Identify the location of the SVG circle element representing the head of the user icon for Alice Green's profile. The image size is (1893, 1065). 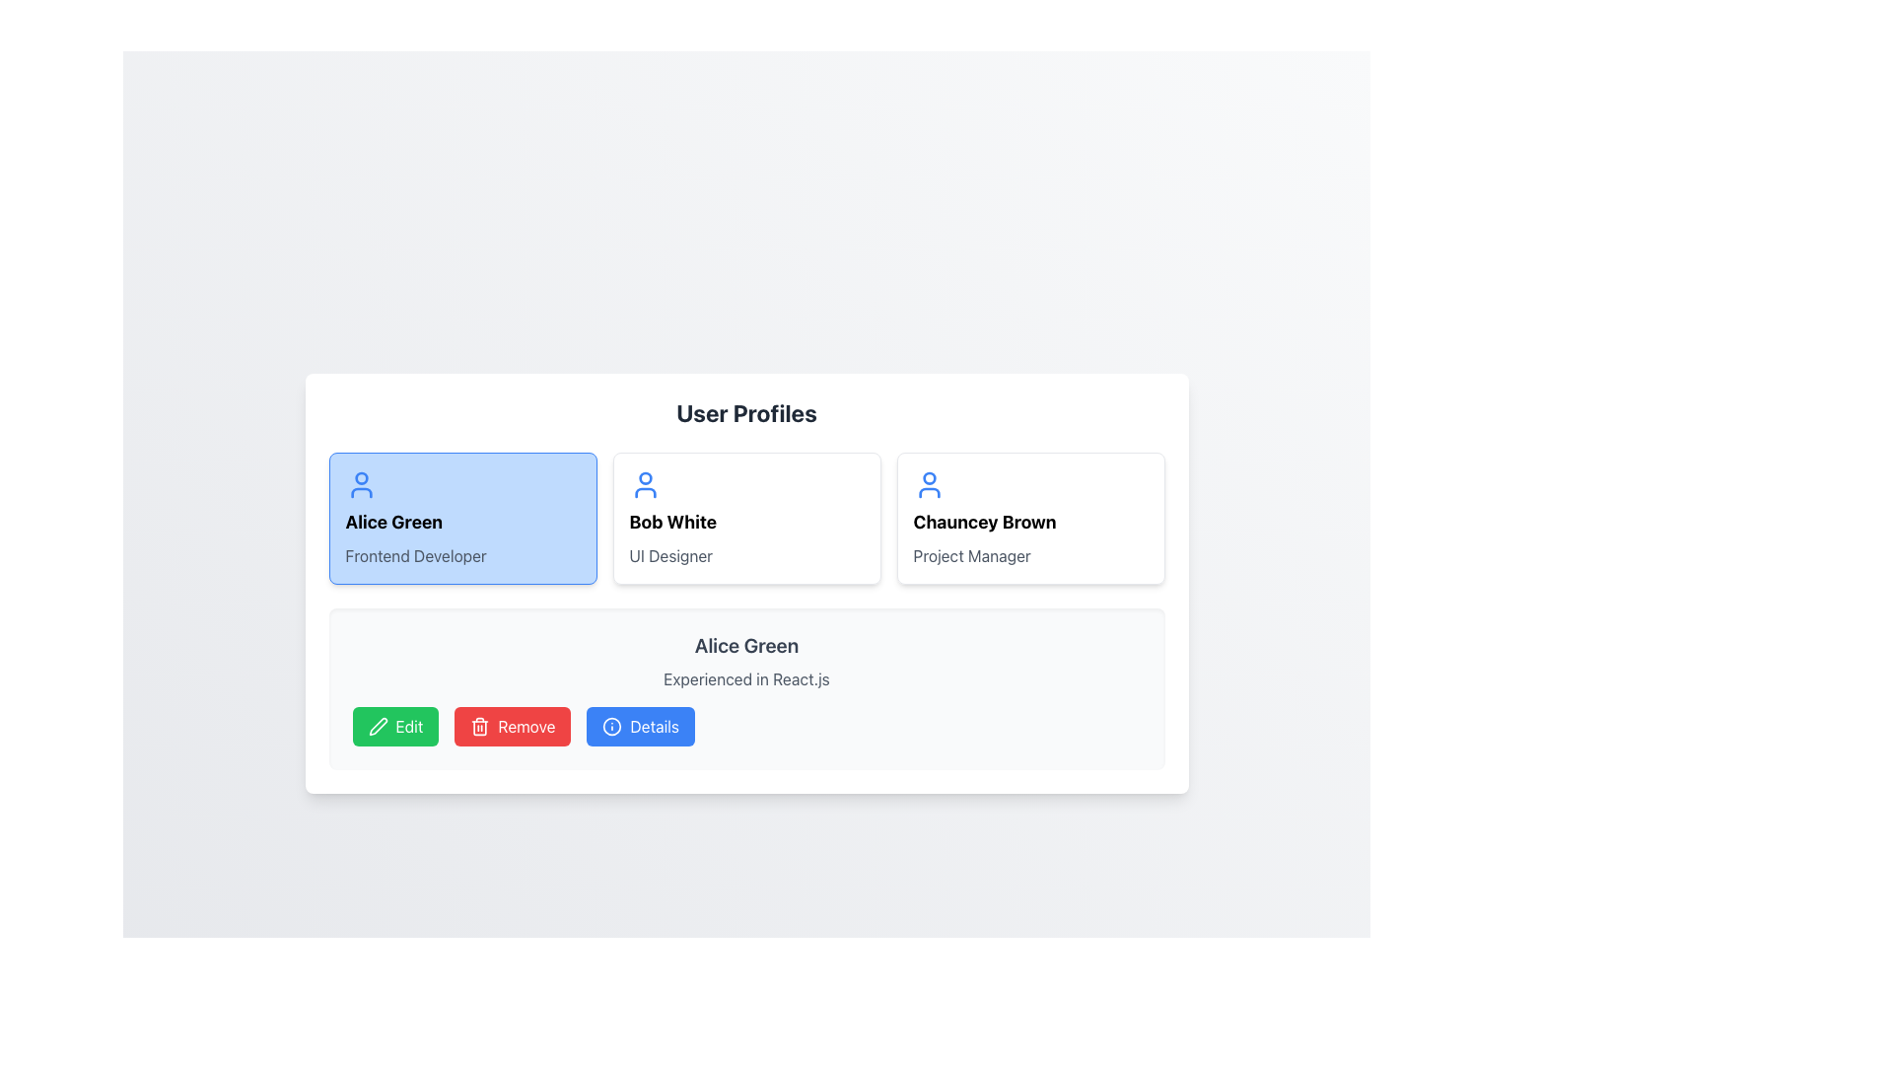
(645, 478).